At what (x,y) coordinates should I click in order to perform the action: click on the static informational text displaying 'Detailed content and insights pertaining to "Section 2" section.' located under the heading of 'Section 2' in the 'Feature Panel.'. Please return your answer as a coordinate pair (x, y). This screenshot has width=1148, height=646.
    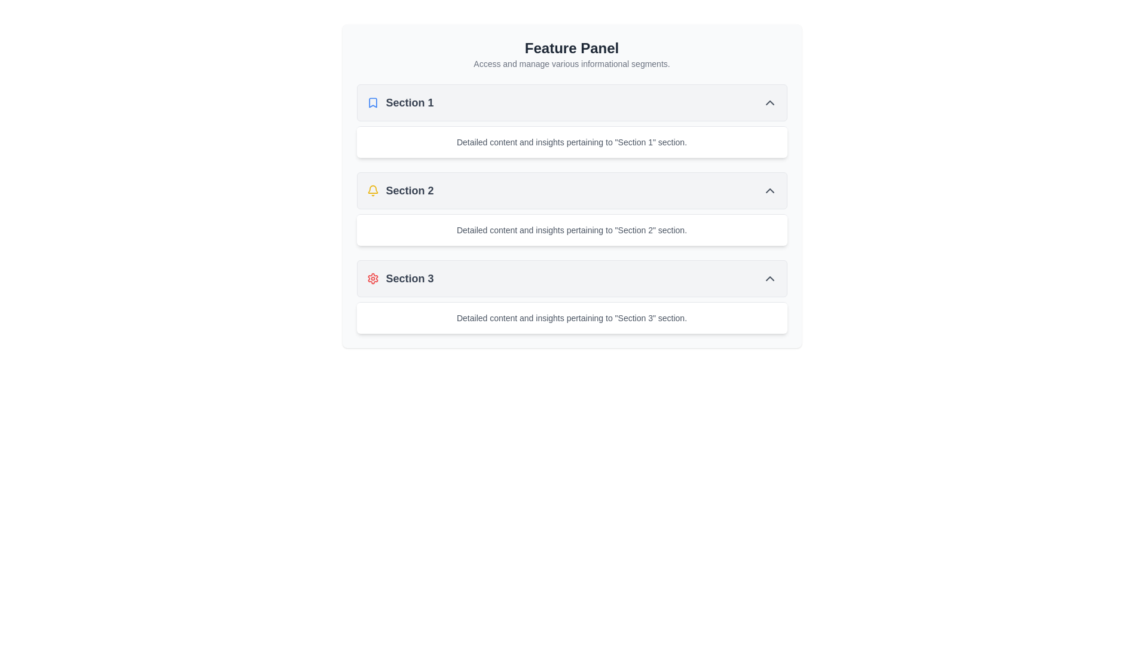
    Looking at the image, I should click on (571, 230).